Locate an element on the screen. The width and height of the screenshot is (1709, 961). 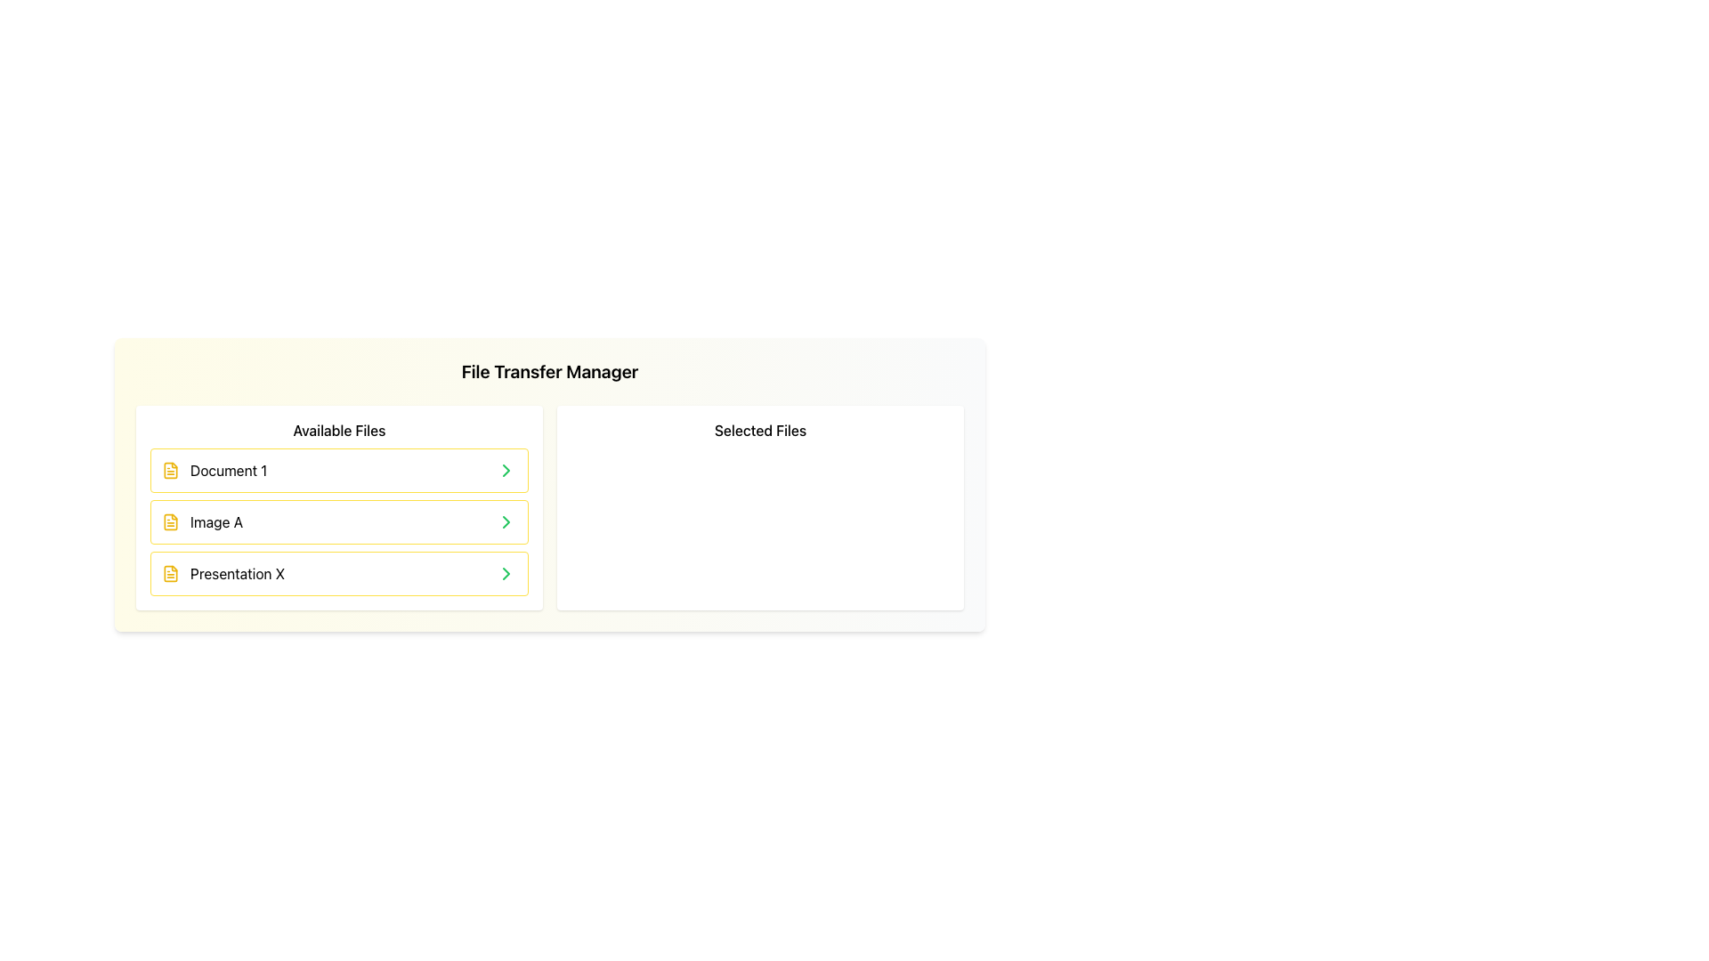
the small yellow-outline document icon located to the left of the text 'Image A' in the row is located at coordinates (171, 521).